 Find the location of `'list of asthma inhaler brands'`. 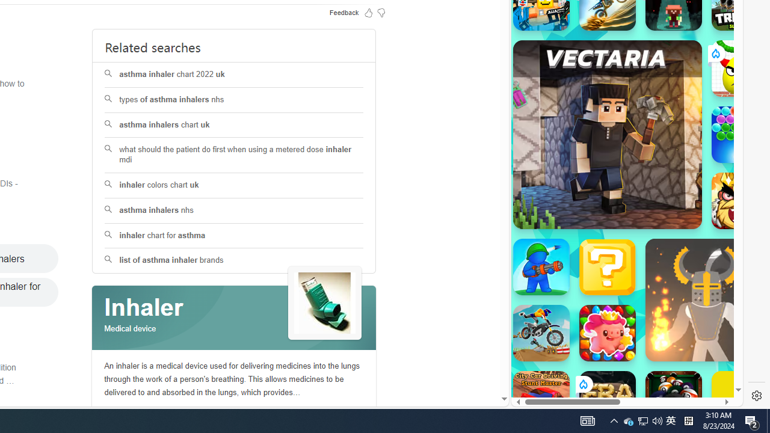

'list of asthma inhaler brands' is located at coordinates (234, 260).